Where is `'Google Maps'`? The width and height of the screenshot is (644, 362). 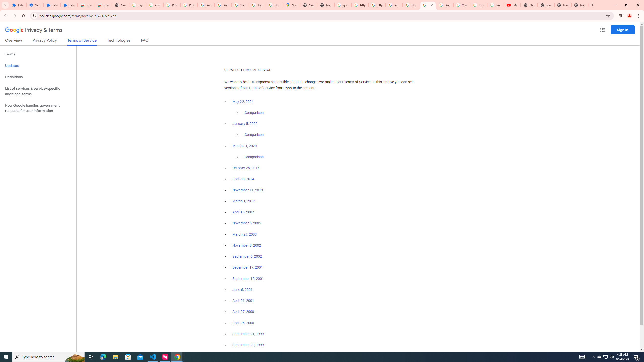
'Google Maps' is located at coordinates (291, 5).